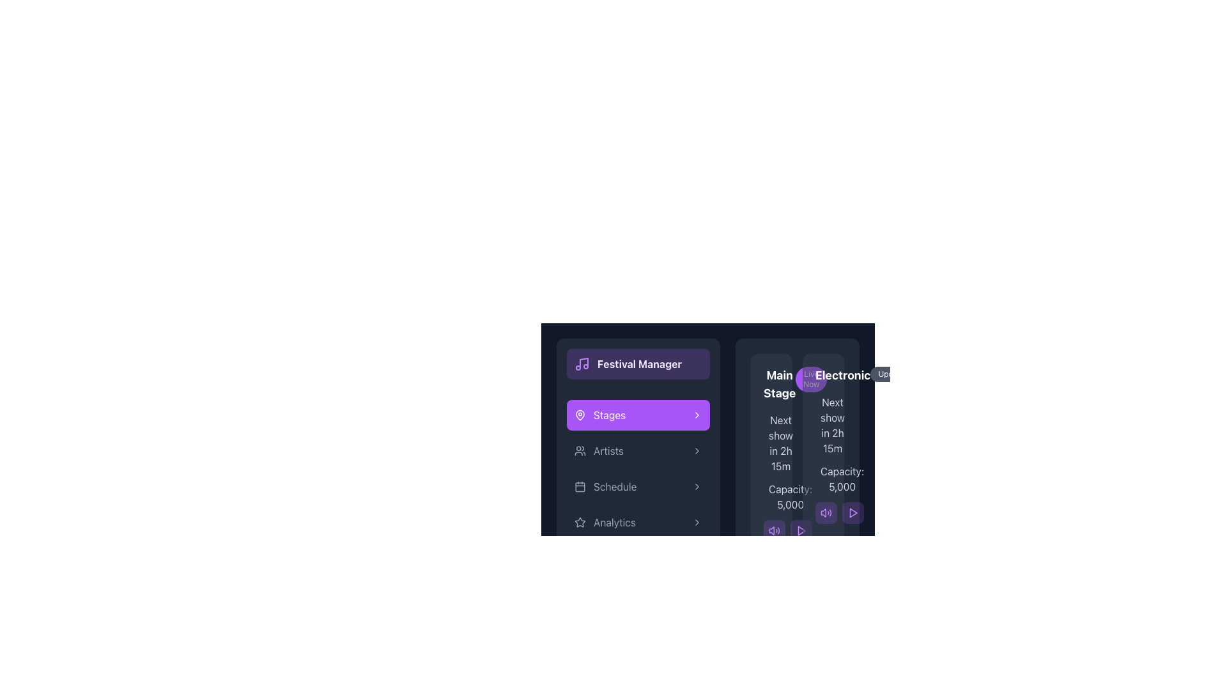 The height and width of the screenshot is (690, 1227). What do you see at coordinates (853, 512) in the screenshot?
I see `the rightmost triangular play button in the 'Electronic Stage' section to initiate playback of the associated media` at bounding box center [853, 512].